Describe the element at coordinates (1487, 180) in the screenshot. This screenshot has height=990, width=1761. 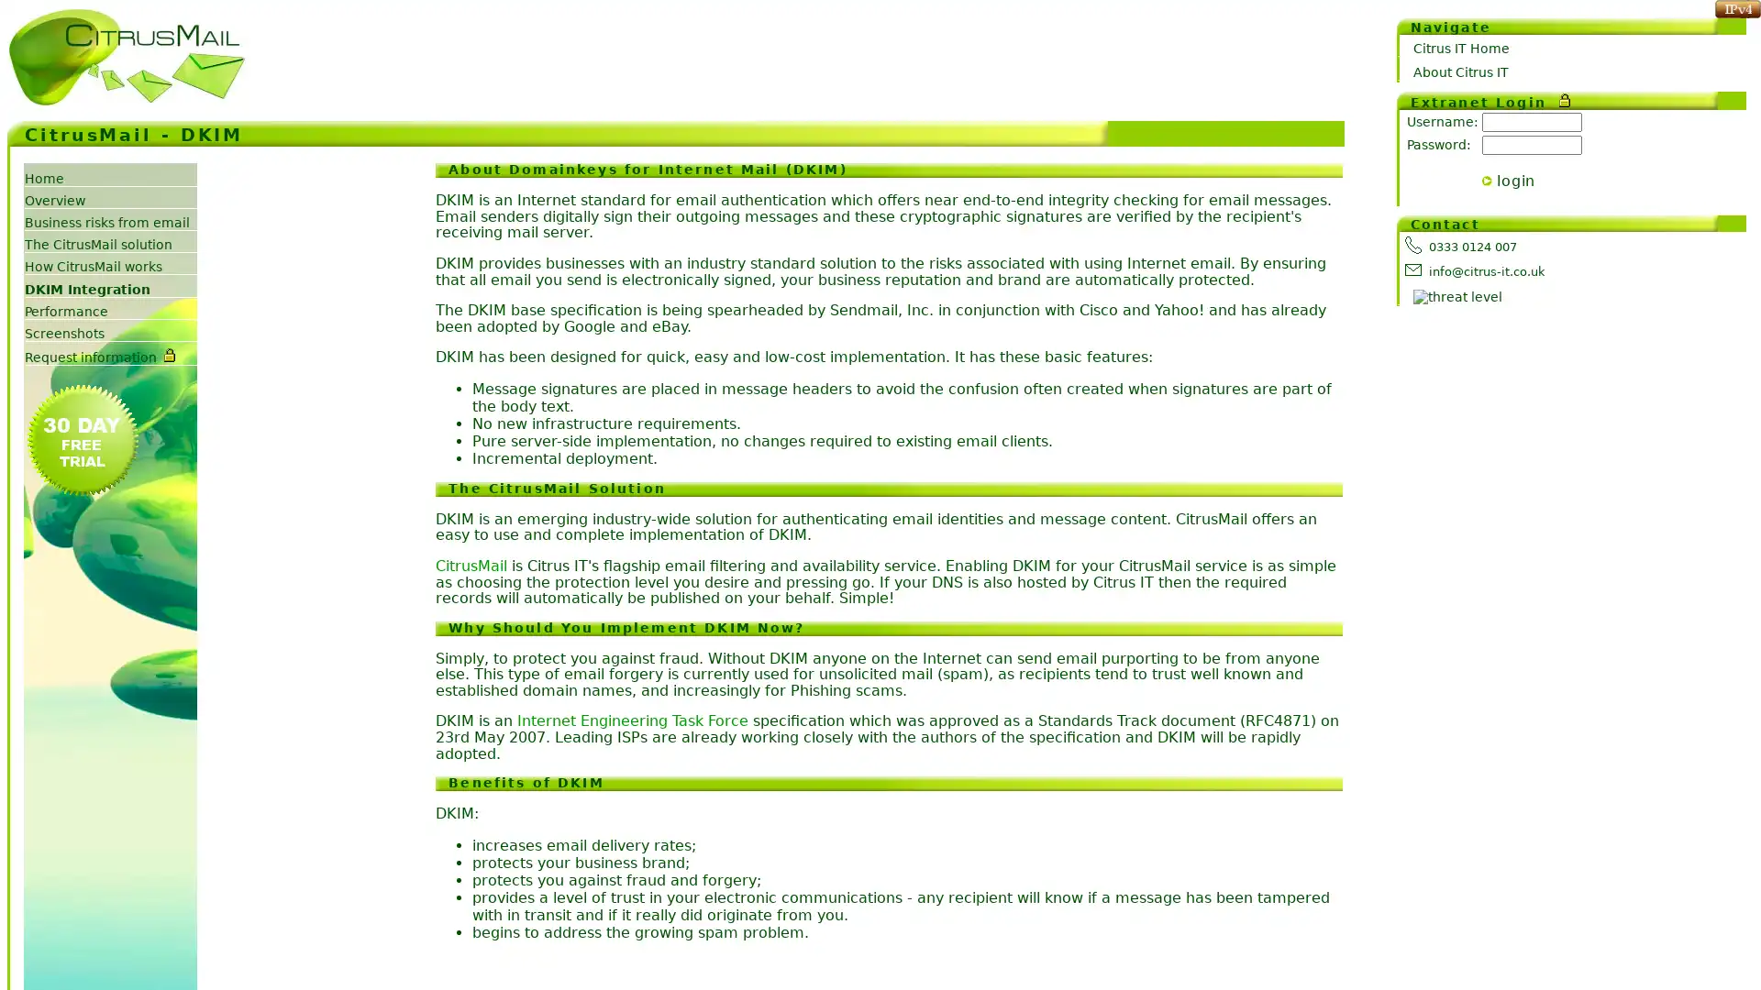
I see `>` at that location.